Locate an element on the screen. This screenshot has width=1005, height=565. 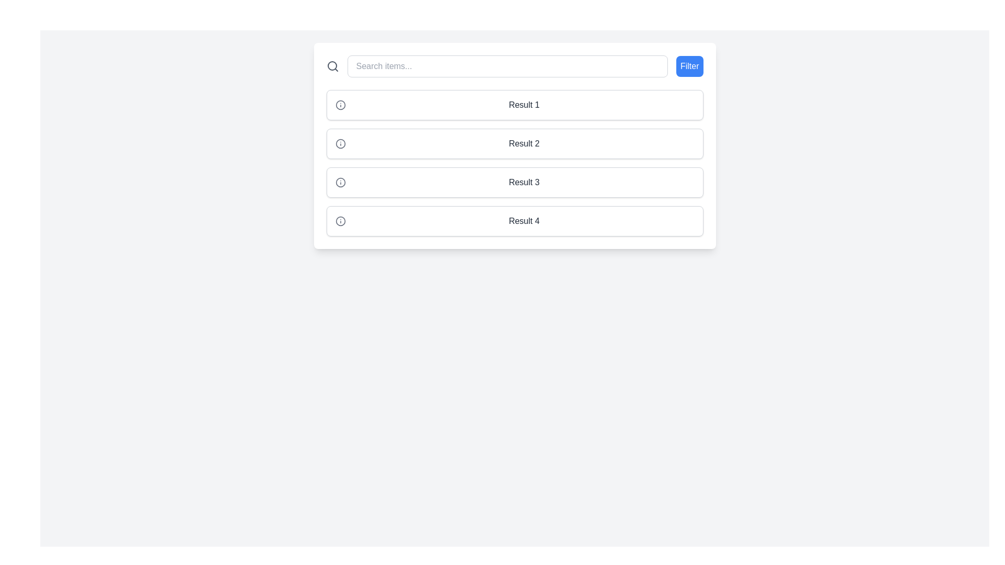
the fourth list item card in the vertically stacked list is located at coordinates (515, 221).